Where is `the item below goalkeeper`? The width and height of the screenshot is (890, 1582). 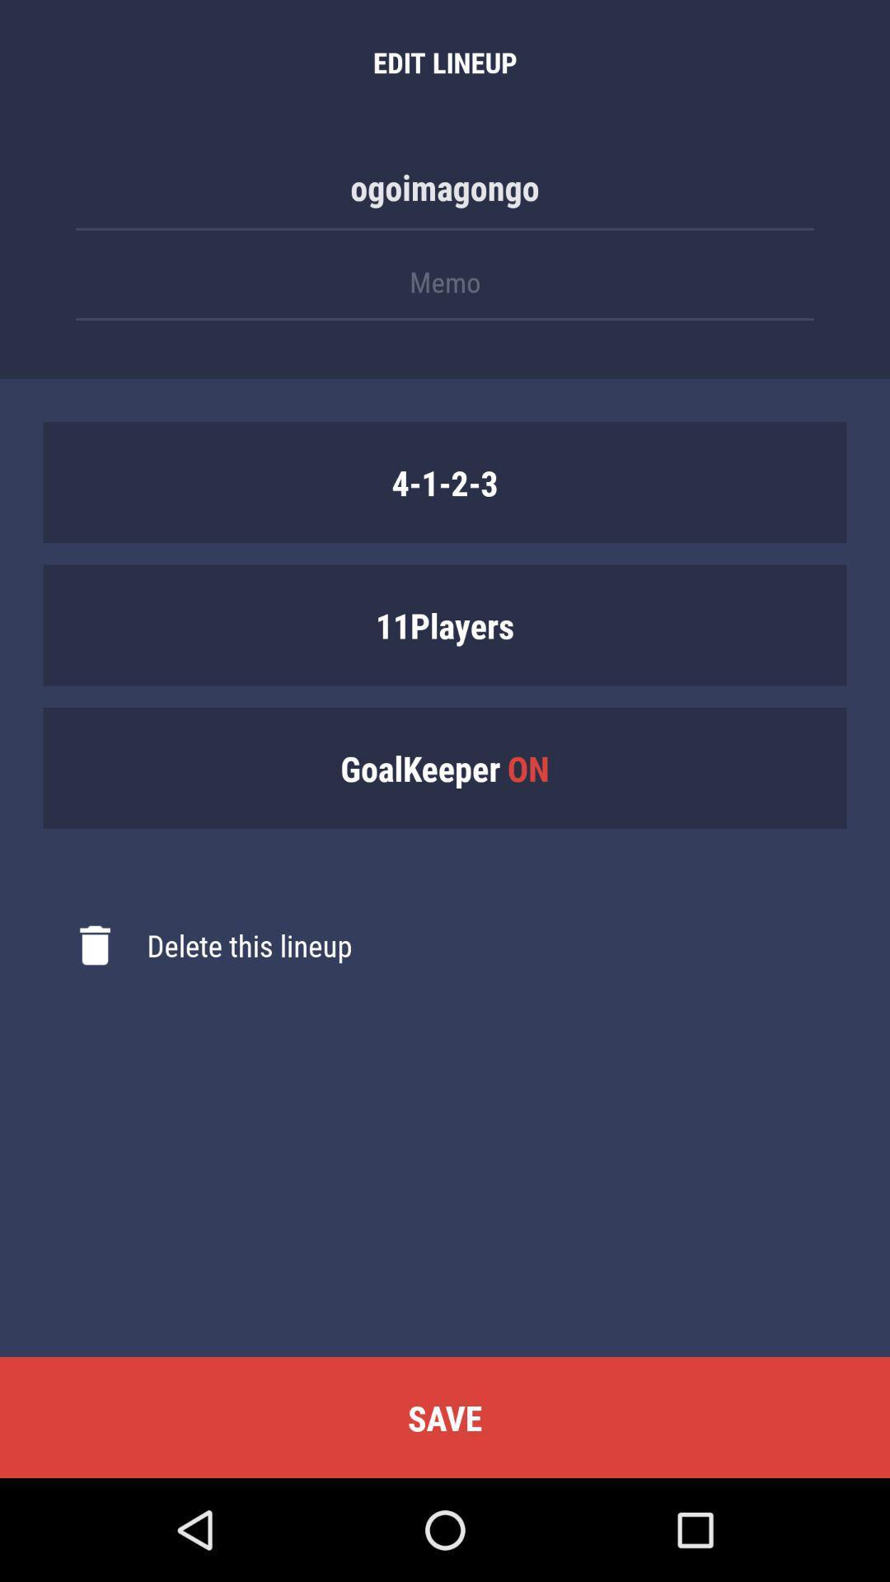 the item below goalkeeper is located at coordinates (196, 945).